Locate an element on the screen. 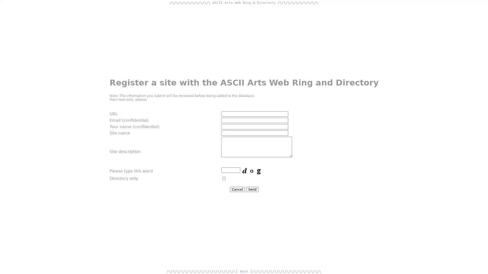  Cancel is located at coordinates (237, 189).